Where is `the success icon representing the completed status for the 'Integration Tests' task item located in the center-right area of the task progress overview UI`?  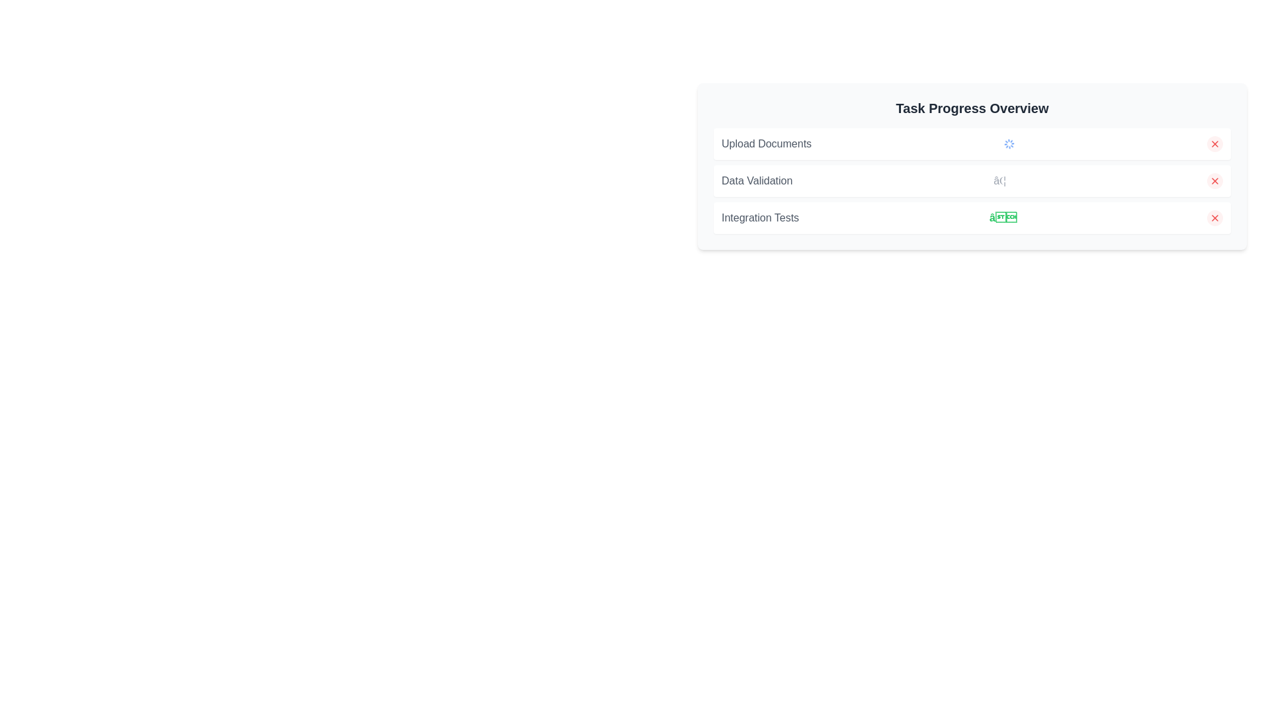
the success icon representing the completed status for the 'Integration Tests' task item located in the center-right area of the task progress overview UI is located at coordinates (1003, 218).